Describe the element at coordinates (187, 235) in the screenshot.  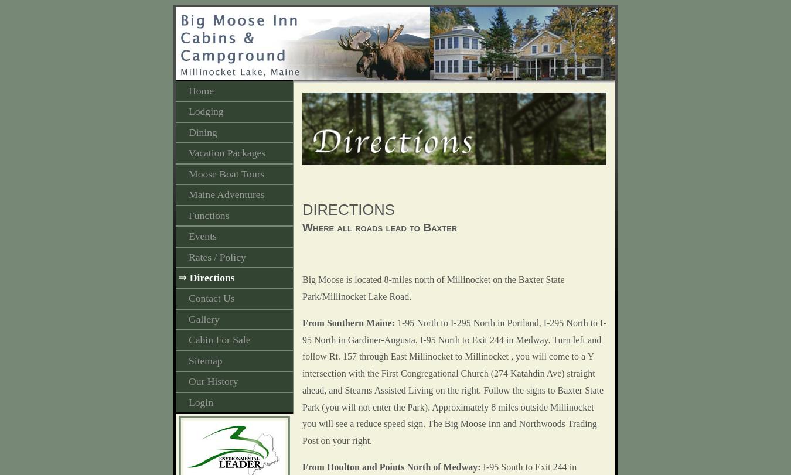
I see `'Events'` at that location.